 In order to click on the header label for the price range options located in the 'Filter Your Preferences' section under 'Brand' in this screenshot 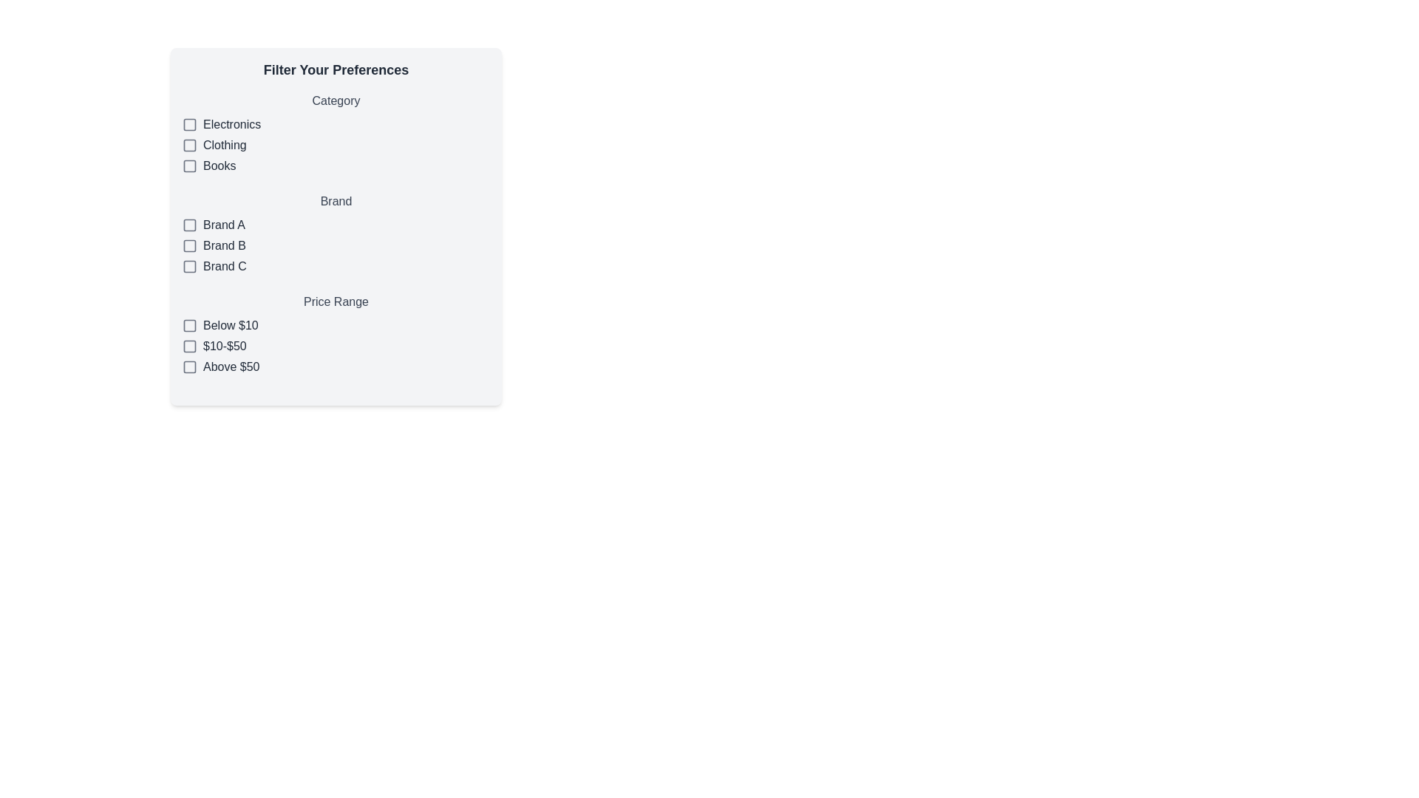, I will do `click(336, 301)`.